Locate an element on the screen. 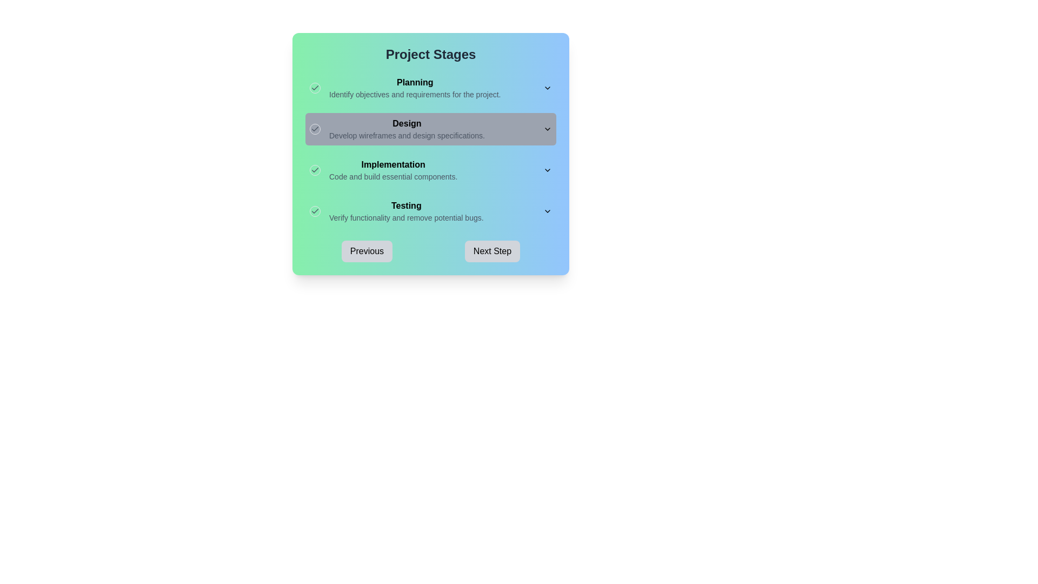 Image resolution: width=1038 pixels, height=584 pixels. descriptive text of the 'Testing' label which indicates it is a title and provides a description about verifying functionality and removing potential bugs is located at coordinates (405, 211).